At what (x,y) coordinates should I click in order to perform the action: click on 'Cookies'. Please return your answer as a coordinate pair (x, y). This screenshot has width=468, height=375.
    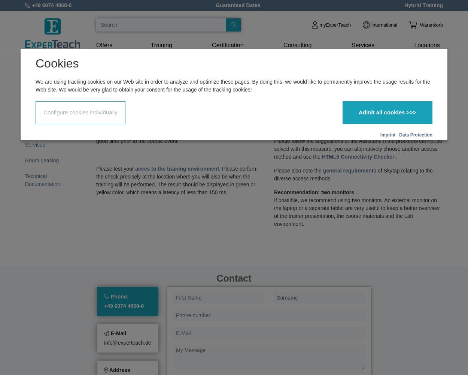
    Looking at the image, I should click on (57, 63).